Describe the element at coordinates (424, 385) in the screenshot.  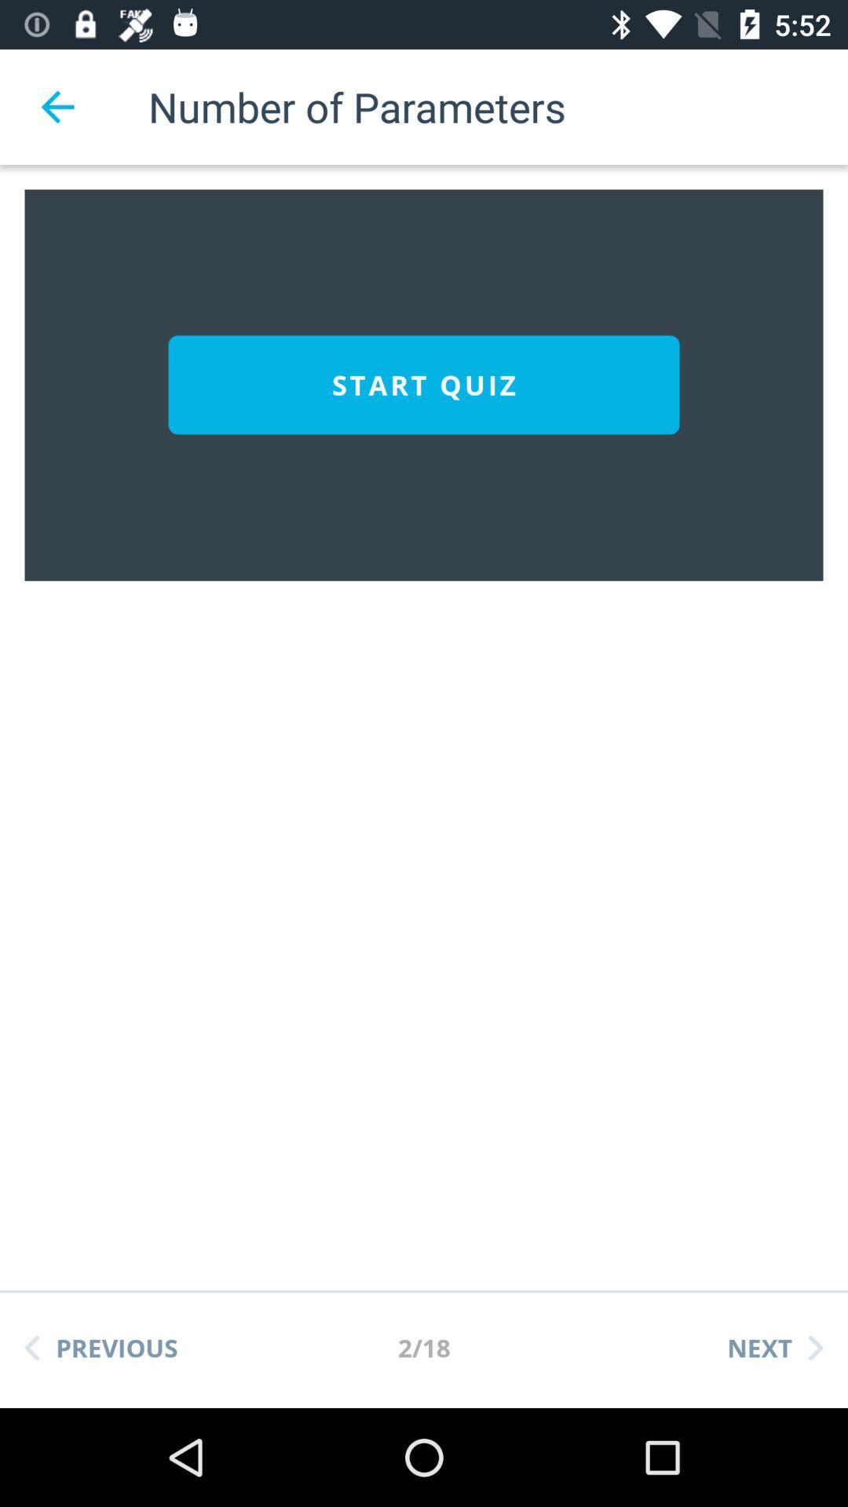
I see `start quiz item` at that location.